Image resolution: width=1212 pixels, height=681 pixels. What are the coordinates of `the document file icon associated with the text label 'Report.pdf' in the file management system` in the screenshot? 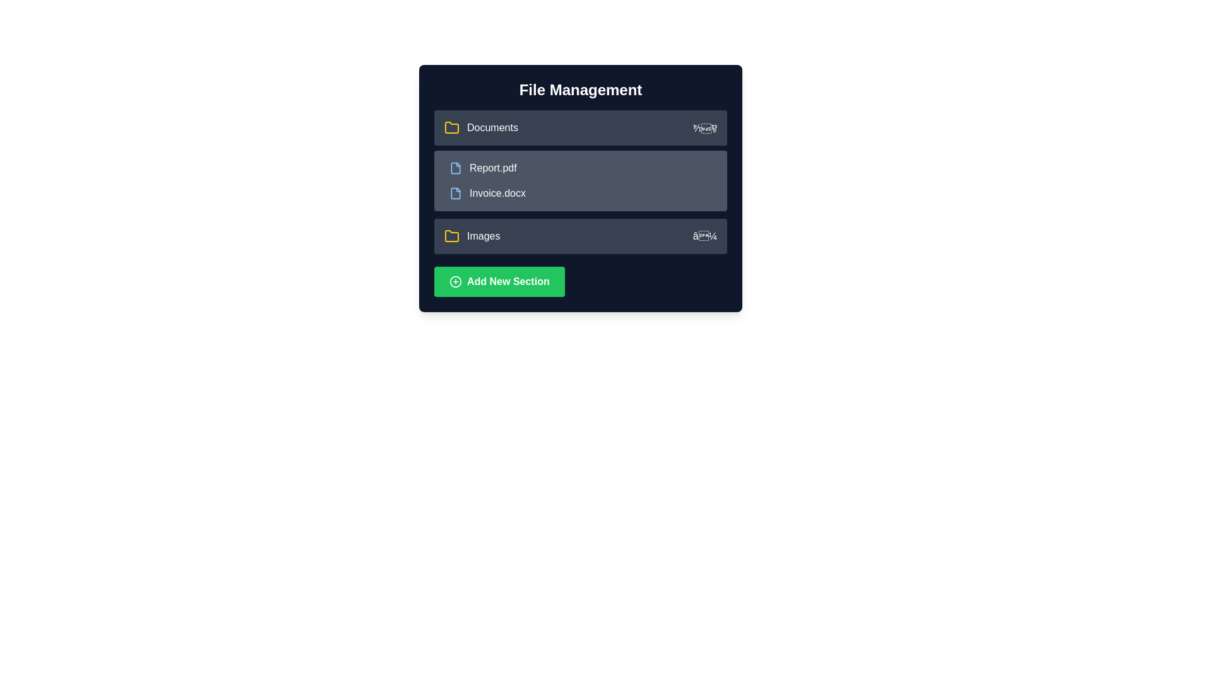 It's located at (454, 167).